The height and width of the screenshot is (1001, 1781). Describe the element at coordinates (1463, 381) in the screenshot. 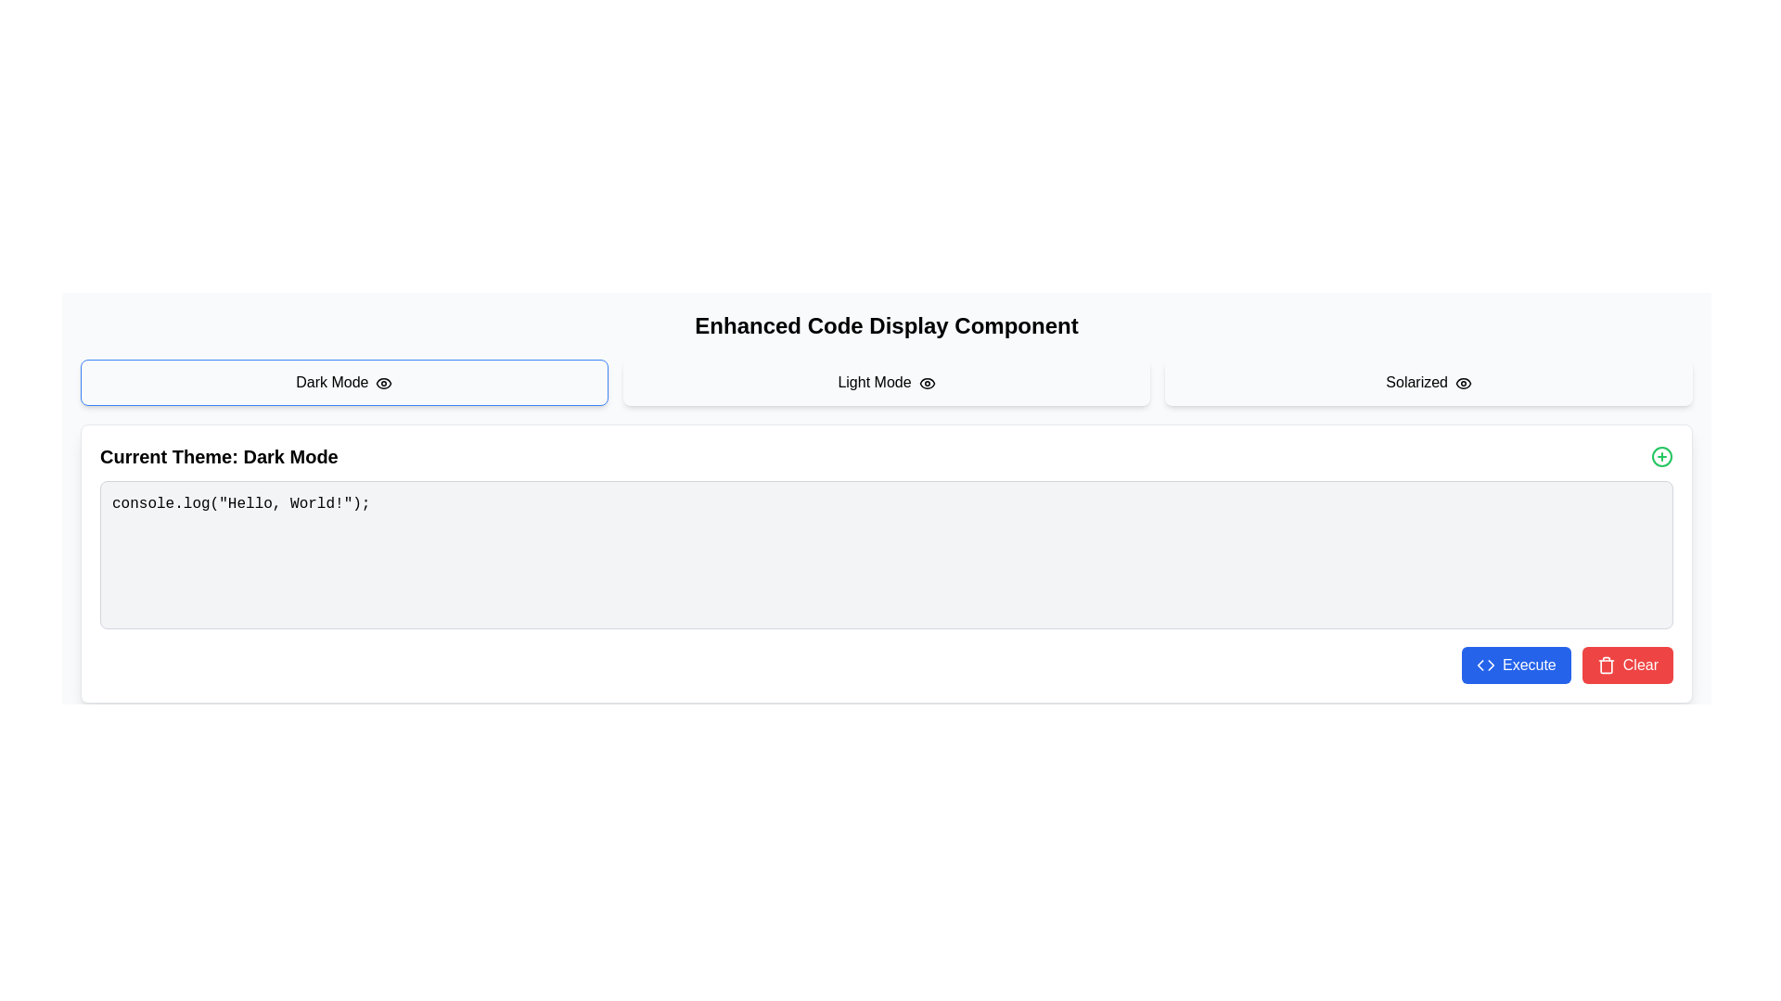

I see `the eye icon associated with the SVG element in the header that represents the visibility or viewing state for theme configuration, specifically for the 'Solarized' theme option` at that location.